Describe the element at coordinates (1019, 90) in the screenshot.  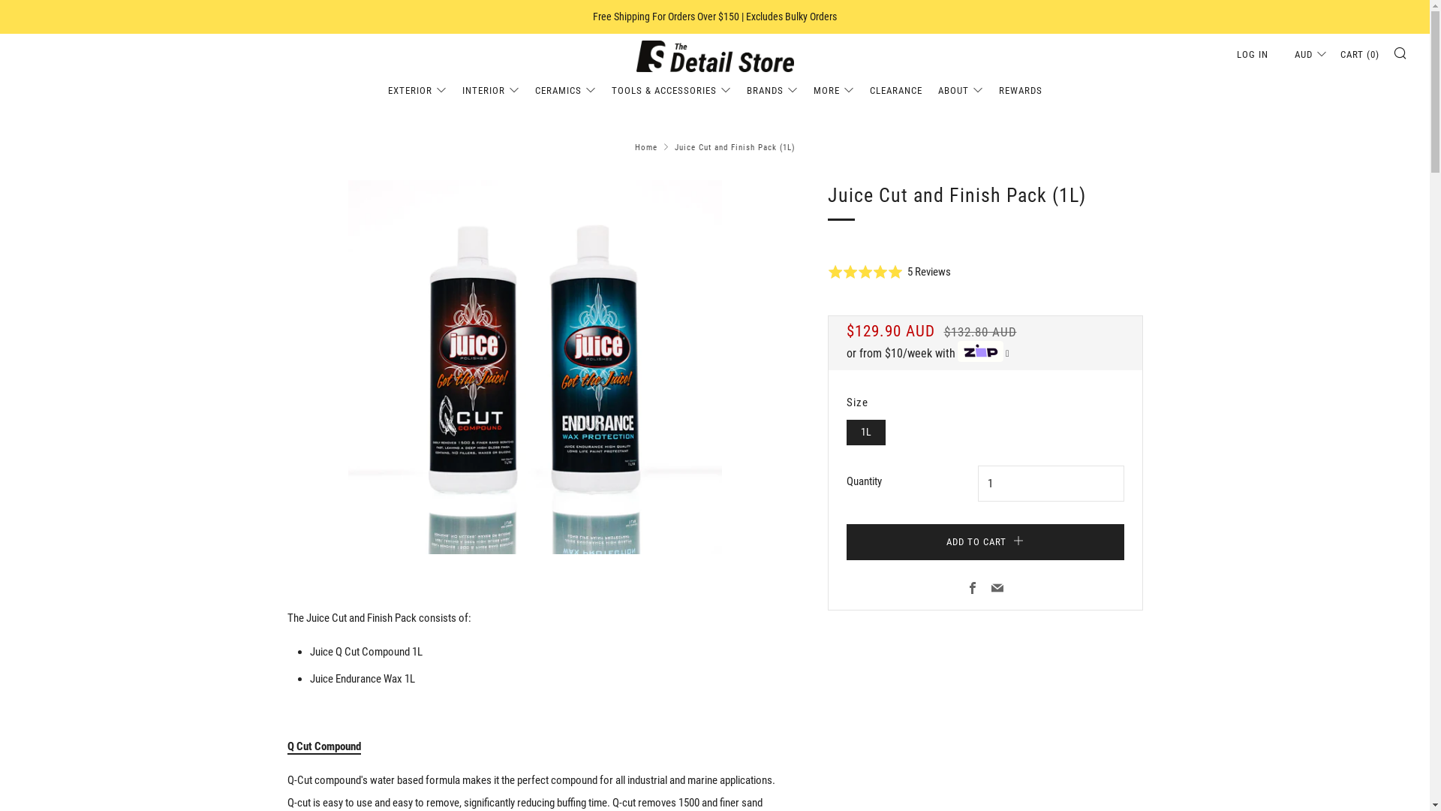
I see `'REWARDS'` at that location.